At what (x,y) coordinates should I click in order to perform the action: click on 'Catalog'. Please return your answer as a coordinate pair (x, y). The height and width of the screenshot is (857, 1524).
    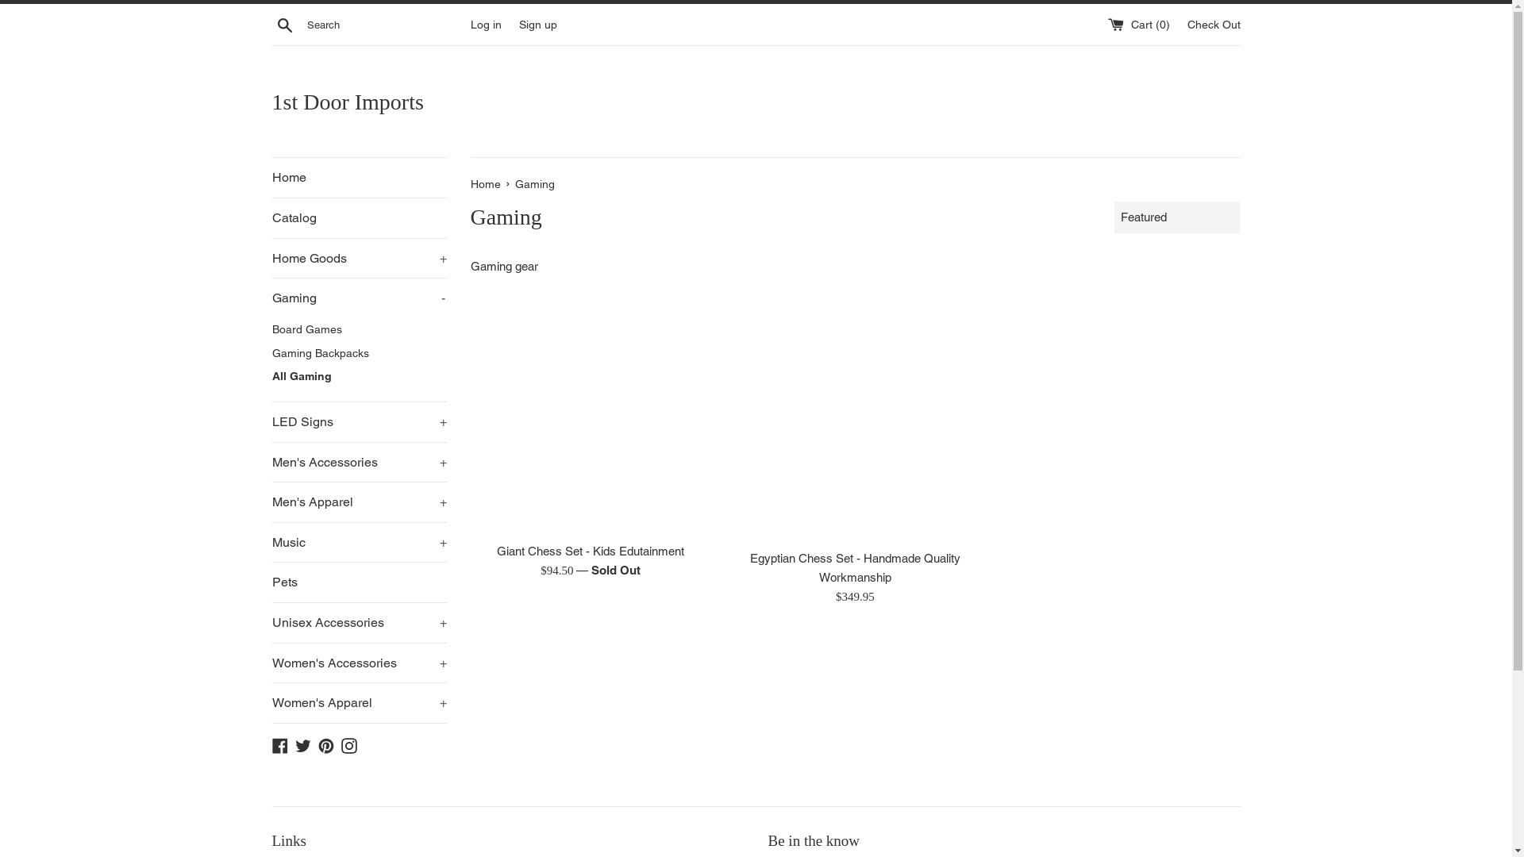
    Looking at the image, I should click on (271, 217).